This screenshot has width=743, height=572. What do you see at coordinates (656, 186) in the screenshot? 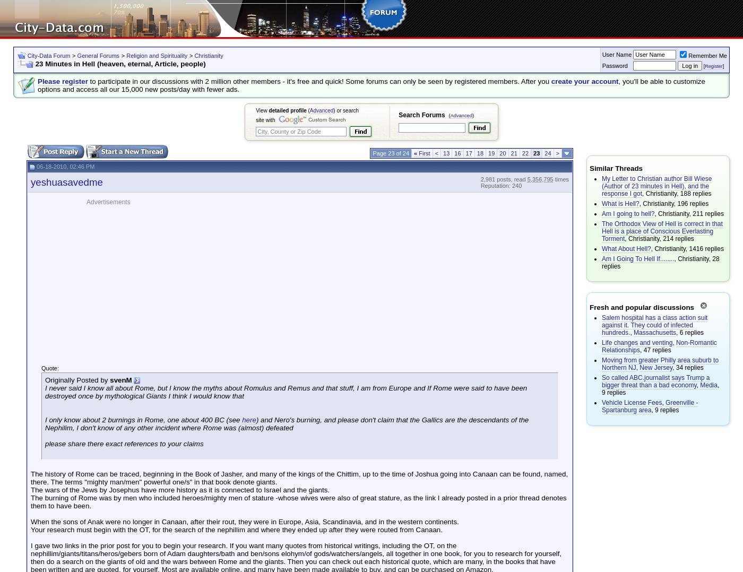
I see `'My Letter to Christian author Bill Wiese (Author of 23 minutes in Hell), and the response I got'` at bounding box center [656, 186].